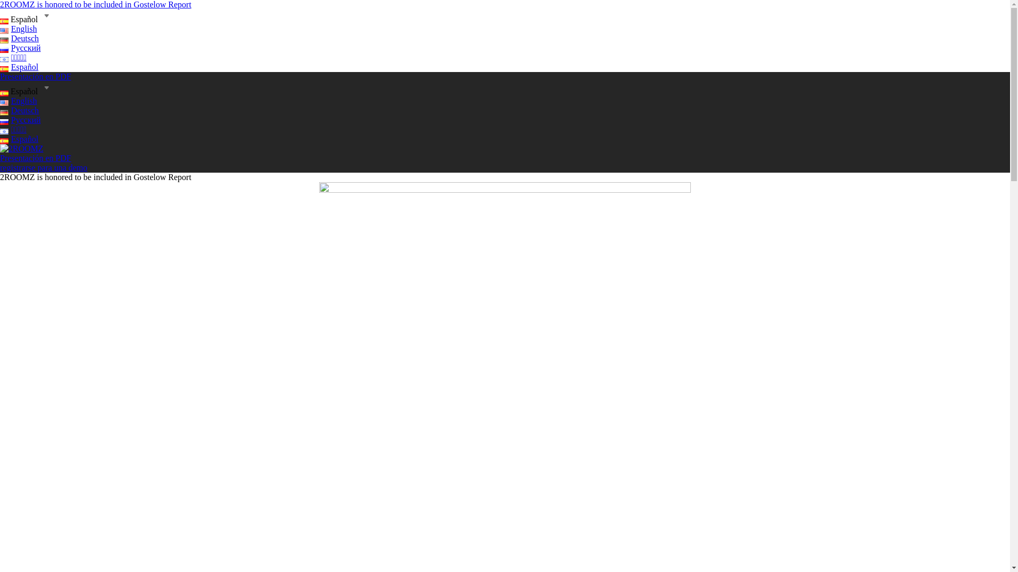  I want to click on 'Deutsch', so click(19, 110).